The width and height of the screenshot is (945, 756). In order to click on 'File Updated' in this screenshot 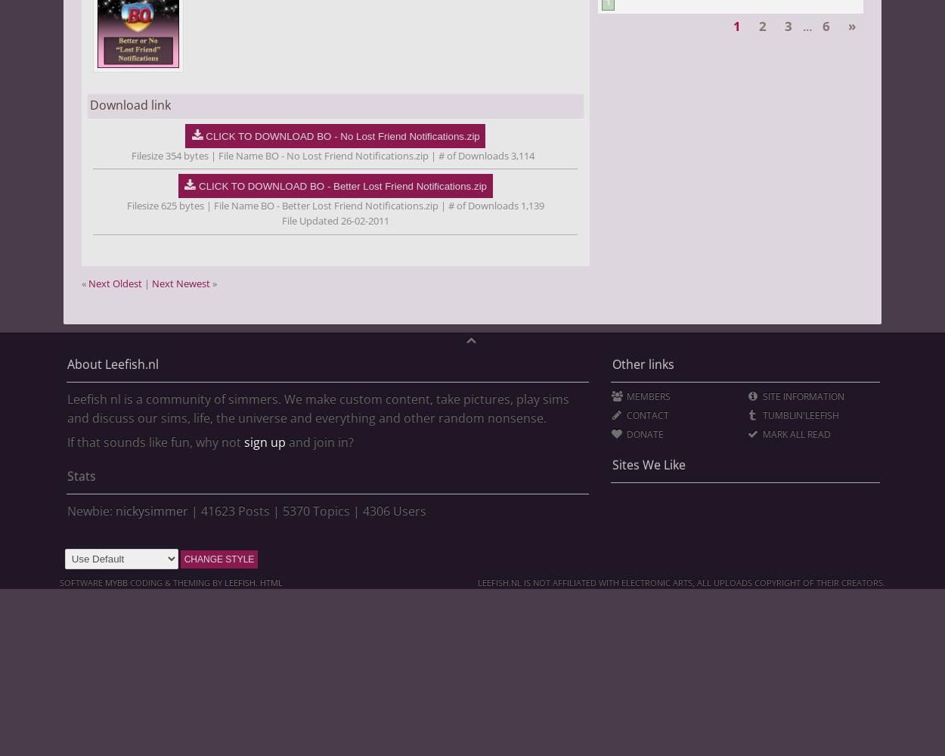, I will do `click(311, 221)`.